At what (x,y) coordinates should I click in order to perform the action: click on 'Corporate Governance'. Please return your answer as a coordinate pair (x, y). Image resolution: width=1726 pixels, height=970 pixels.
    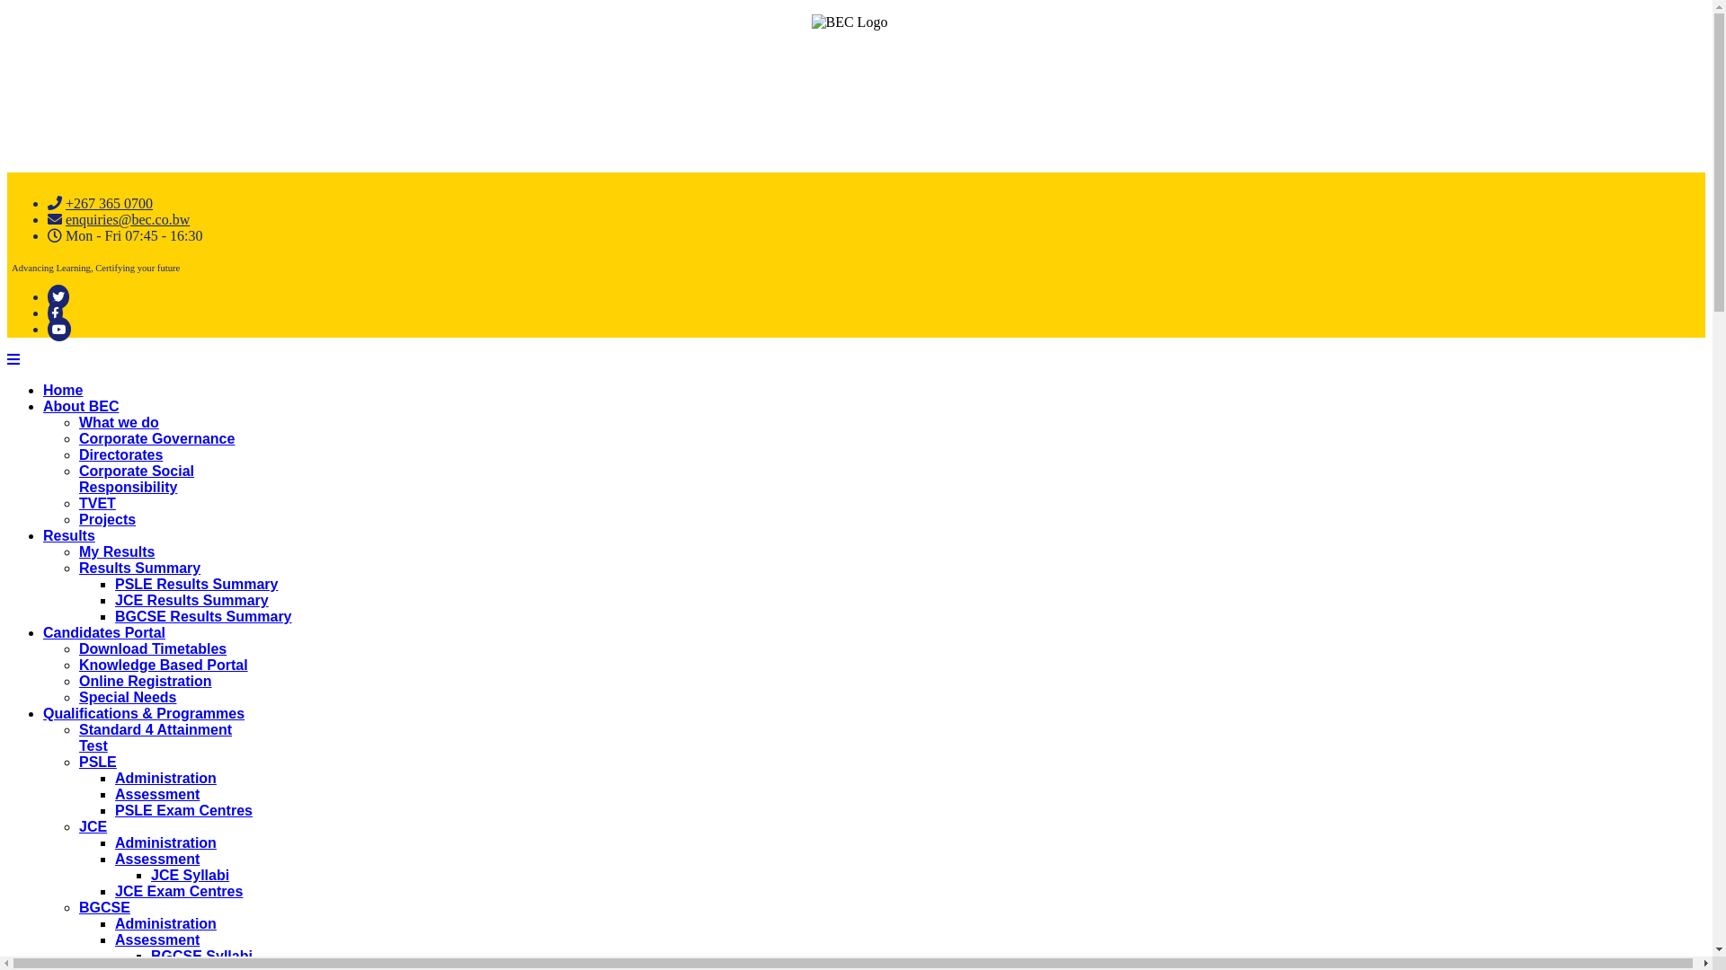
    Looking at the image, I should click on (156, 438).